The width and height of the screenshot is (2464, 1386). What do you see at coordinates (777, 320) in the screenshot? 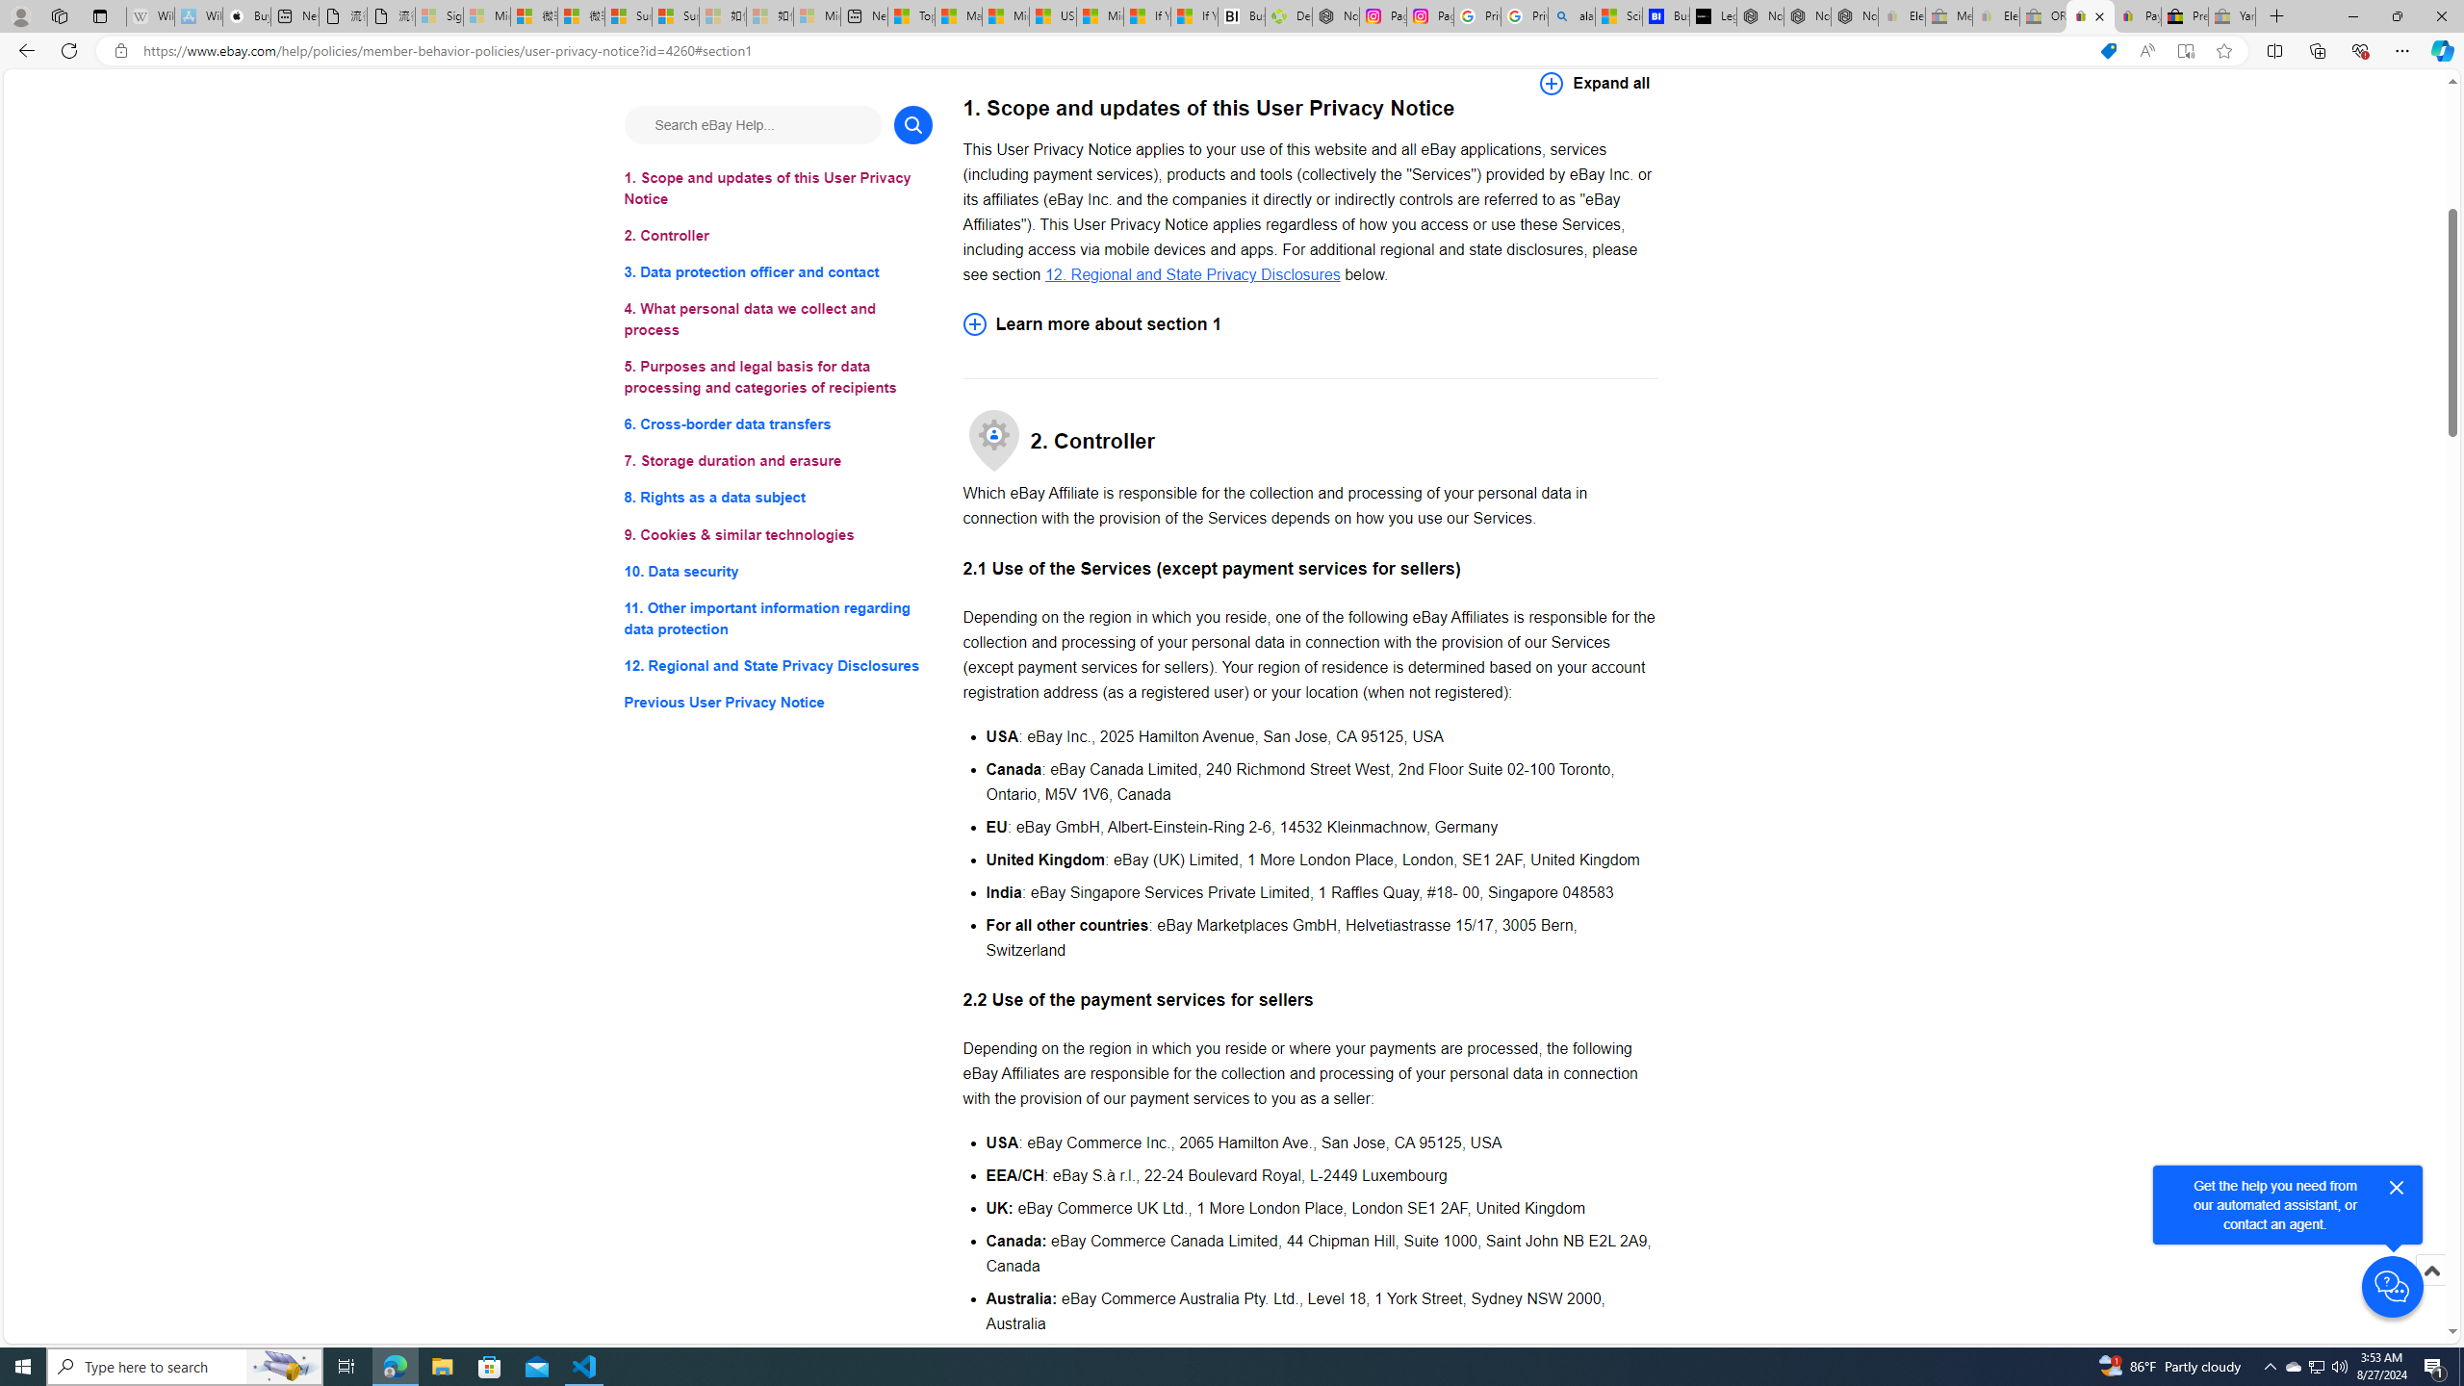
I see `'4. What personal data we collect and process'` at bounding box center [777, 320].